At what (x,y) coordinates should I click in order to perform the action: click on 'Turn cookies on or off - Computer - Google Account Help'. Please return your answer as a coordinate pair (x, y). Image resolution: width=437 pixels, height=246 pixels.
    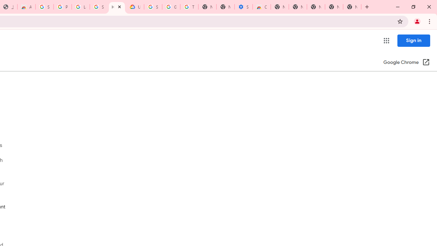
    Looking at the image, I should click on (189, 7).